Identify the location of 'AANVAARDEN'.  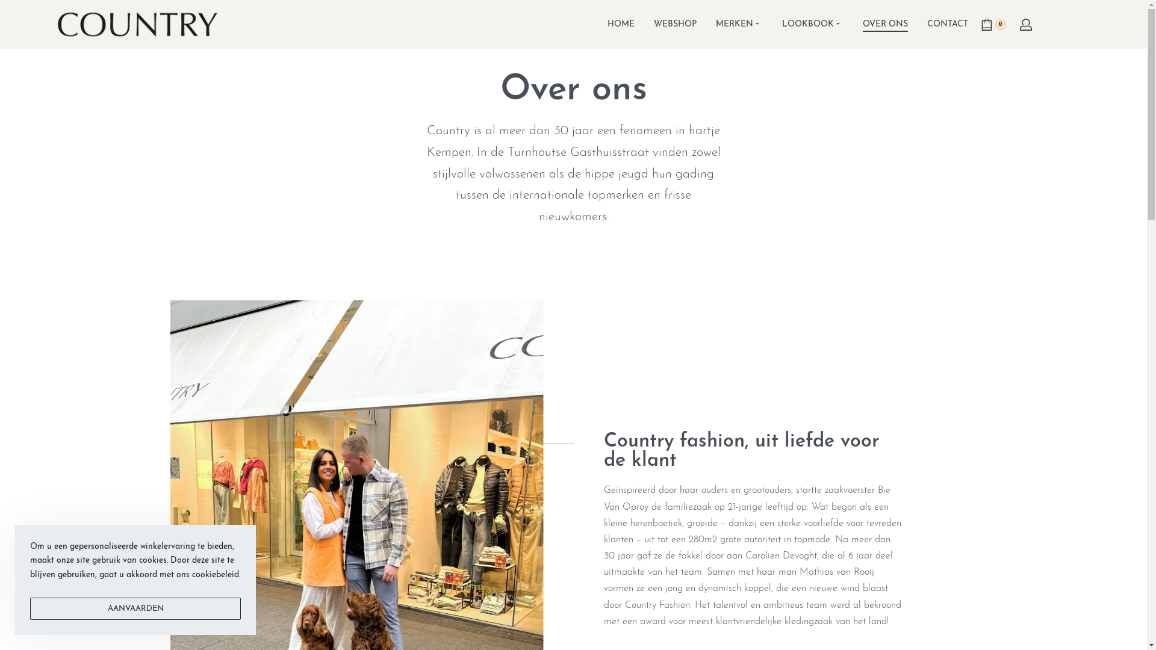
(135, 608).